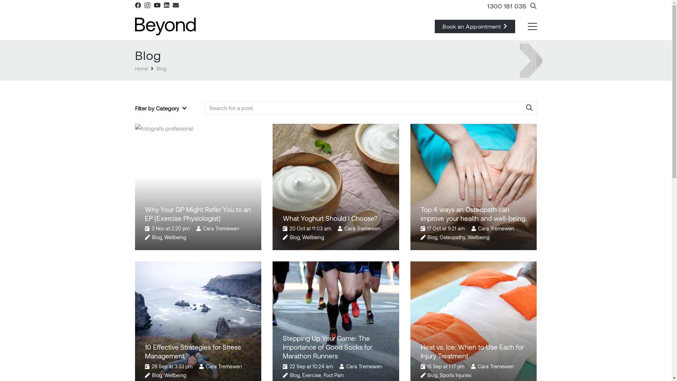 The height and width of the screenshot is (381, 677). What do you see at coordinates (164, 375) in the screenshot?
I see `'Wellbeing'` at bounding box center [164, 375].